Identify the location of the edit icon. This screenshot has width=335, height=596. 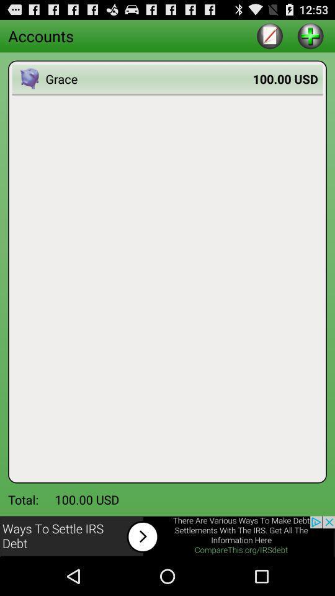
(269, 38).